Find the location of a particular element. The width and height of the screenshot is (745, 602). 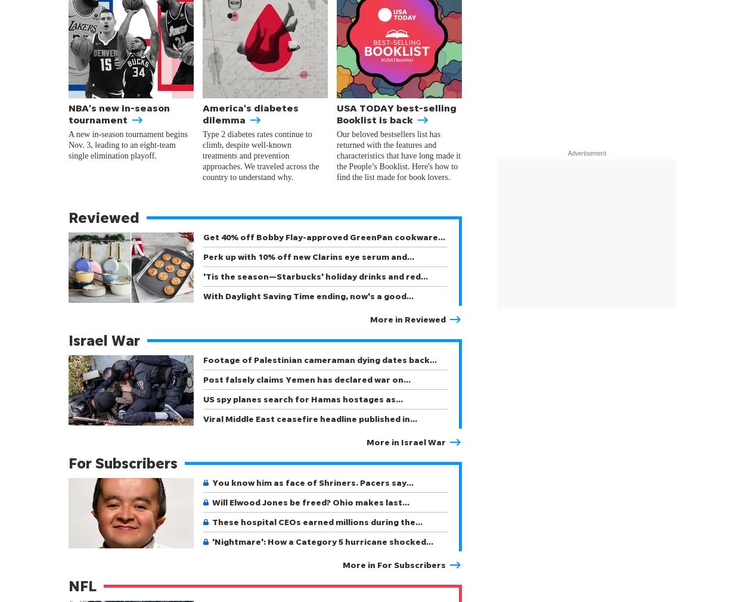

'More in For Subscribers' is located at coordinates (342, 564).